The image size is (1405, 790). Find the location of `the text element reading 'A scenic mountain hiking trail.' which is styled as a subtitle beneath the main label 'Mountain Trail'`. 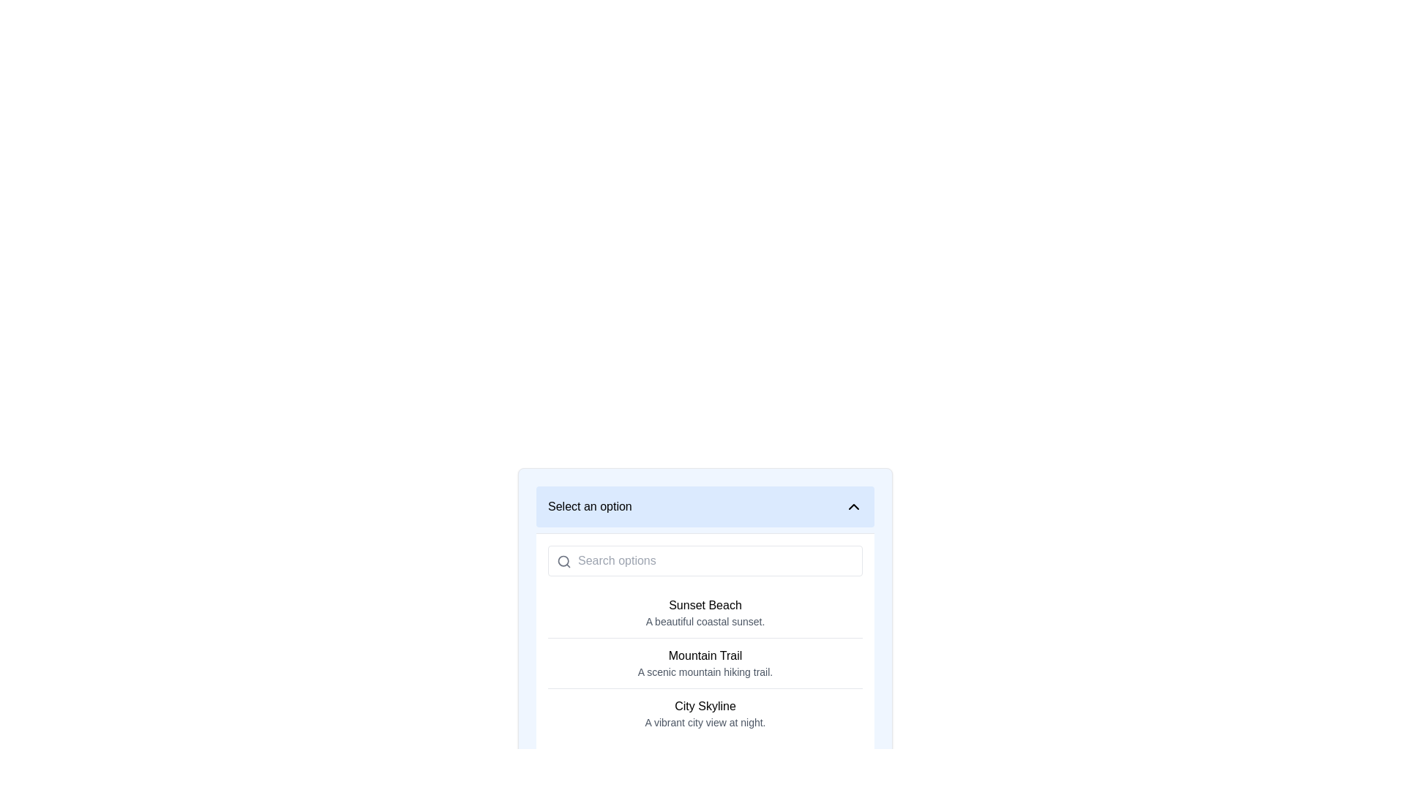

the text element reading 'A scenic mountain hiking trail.' which is styled as a subtitle beneath the main label 'Mountain Trail' is located at coordinates (705, 671).